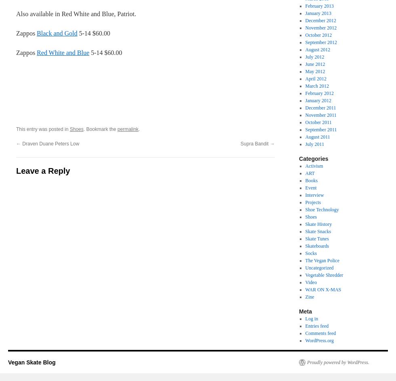 The width and height of the screenshot is (396, 381). Describe the element at coordinates (338, 362) in the screenshot. I see `'Proudly powered by WordPress.'` at that location.